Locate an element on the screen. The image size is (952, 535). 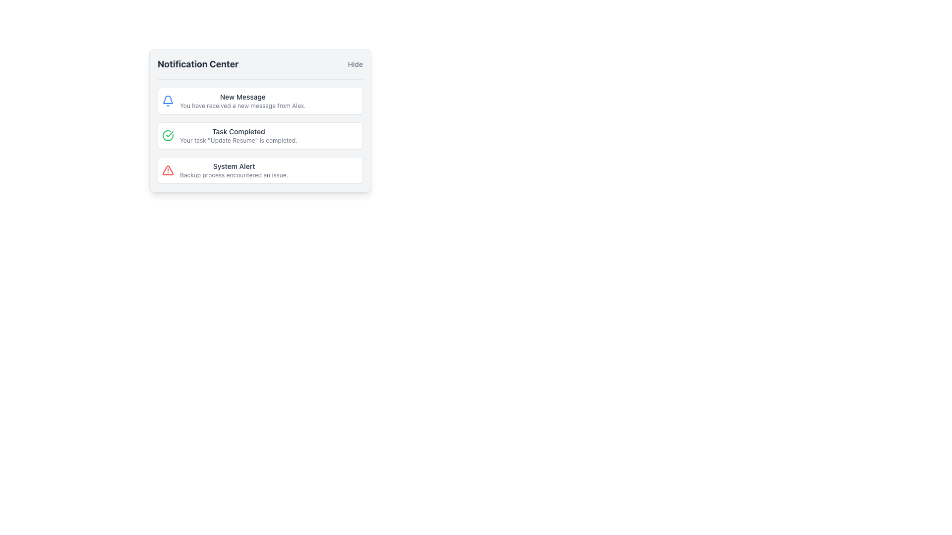
the Notification block that alerts users about an issue encountered during a backup process, which is the third item in the vertical notification list is located at coordinates (260, 169).